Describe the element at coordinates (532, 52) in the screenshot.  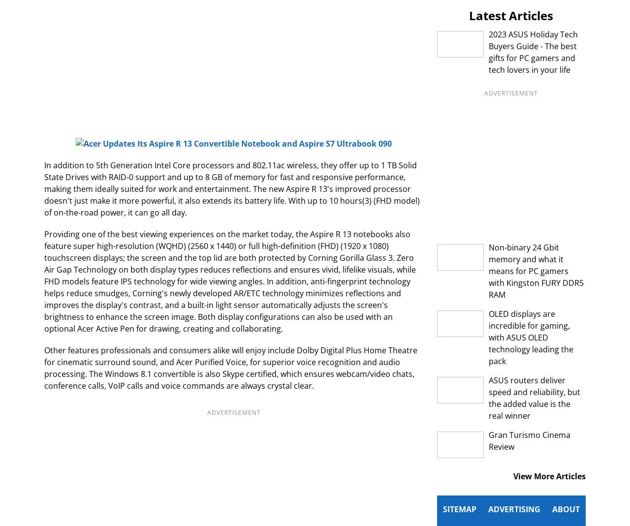
I see `'2023 ASUS Holiday Tech Buyers Guide - The best gifts for PC gamers and tech lovers in your life'` at that location.